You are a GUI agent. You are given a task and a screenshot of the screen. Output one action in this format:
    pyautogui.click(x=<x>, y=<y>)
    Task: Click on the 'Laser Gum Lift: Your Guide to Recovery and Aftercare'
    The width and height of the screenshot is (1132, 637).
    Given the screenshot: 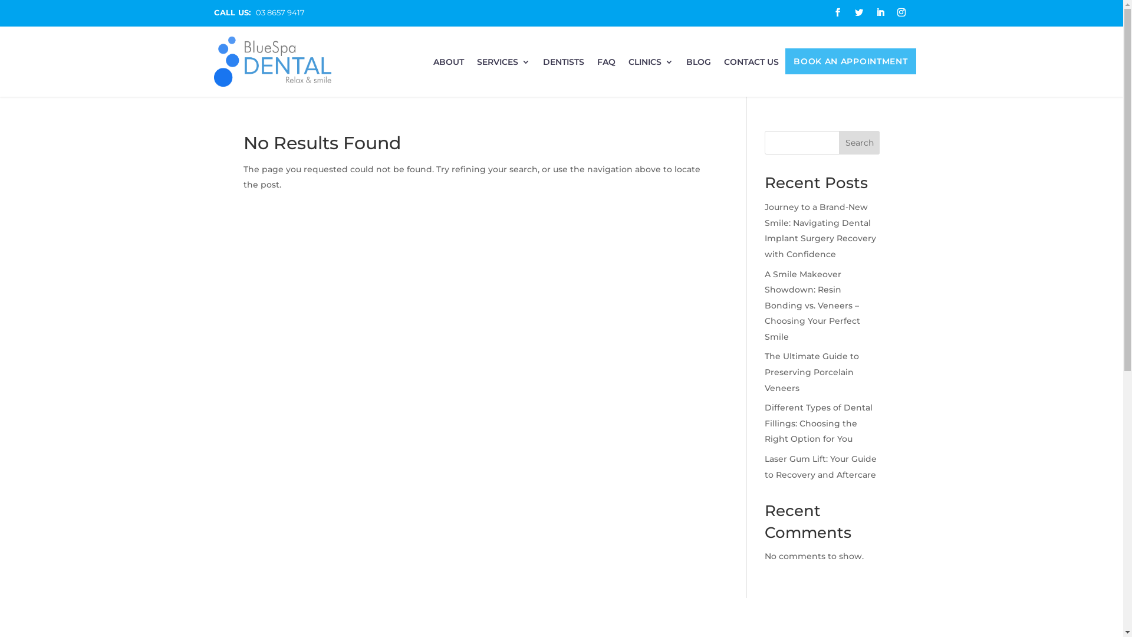 What is the action you would take?
    pyautogui.click(x=820, y=466)
    